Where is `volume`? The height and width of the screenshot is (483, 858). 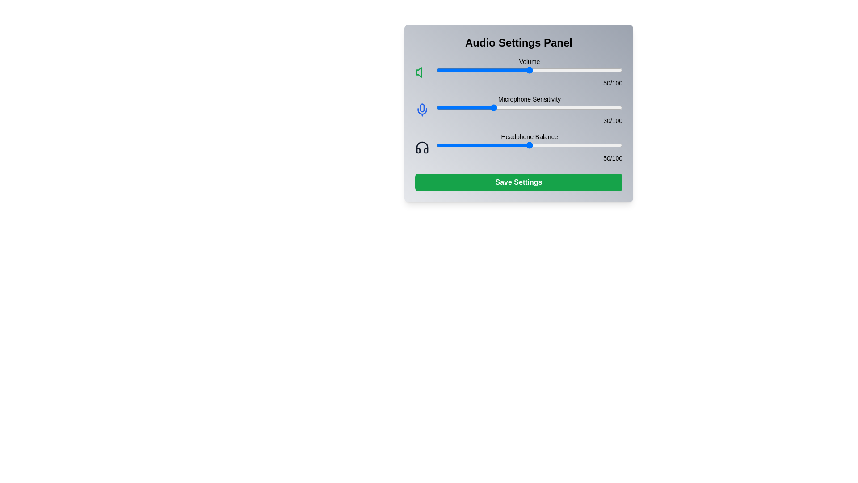
volume is located at coordinates (585, 70).